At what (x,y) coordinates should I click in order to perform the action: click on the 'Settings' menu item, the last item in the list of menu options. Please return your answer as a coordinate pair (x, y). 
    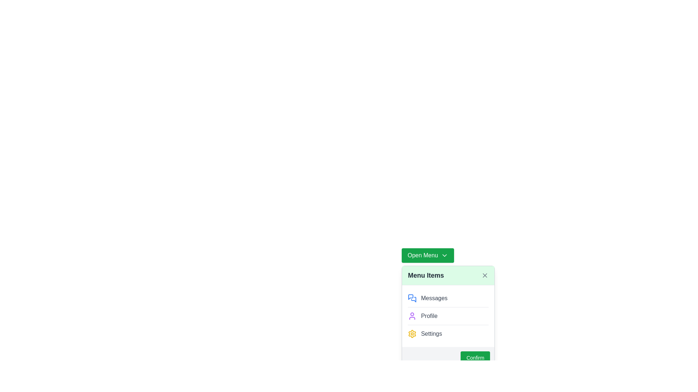
    Looking at the image, I should click on (448, 334).